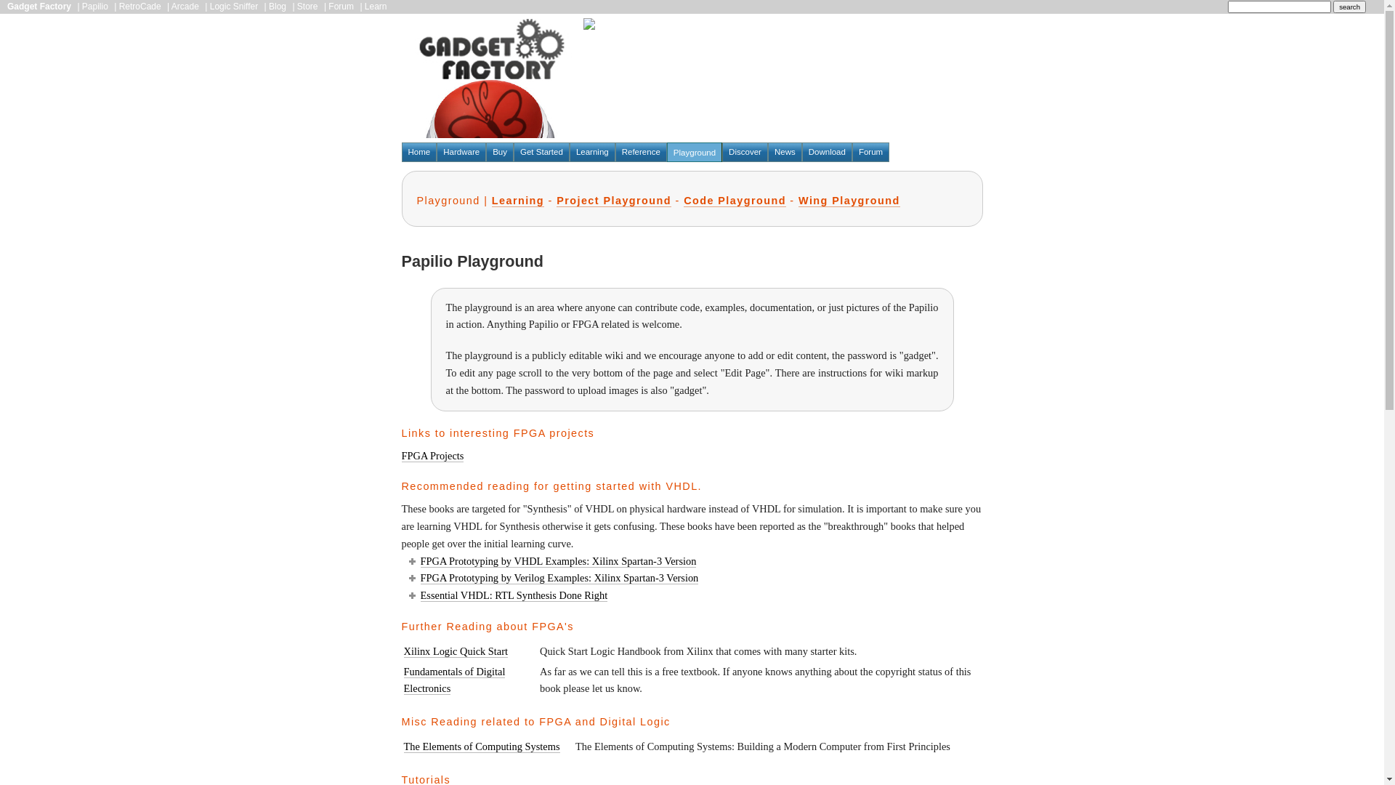 Image resolution: width=1395 pixels, height=785 pixels. I want to click on 'Hardware', so click(460, 152).